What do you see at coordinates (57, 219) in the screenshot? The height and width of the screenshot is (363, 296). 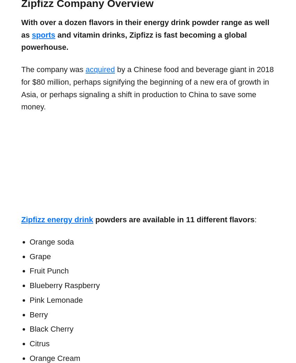 I see `'Zipfizz energy drink'` at bounding box center [57, 219].